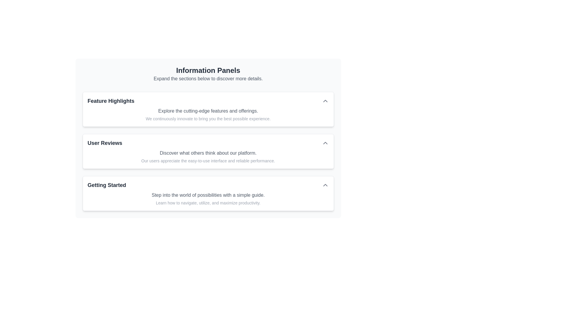 This screenshot has height=320, width=569. Describe the element at coordinates (105, 143) in the screenshot. I see `the text label displaying 'User Reviews' in bold font located in the 'Information Panels' section, specifically in the second section` at that location.